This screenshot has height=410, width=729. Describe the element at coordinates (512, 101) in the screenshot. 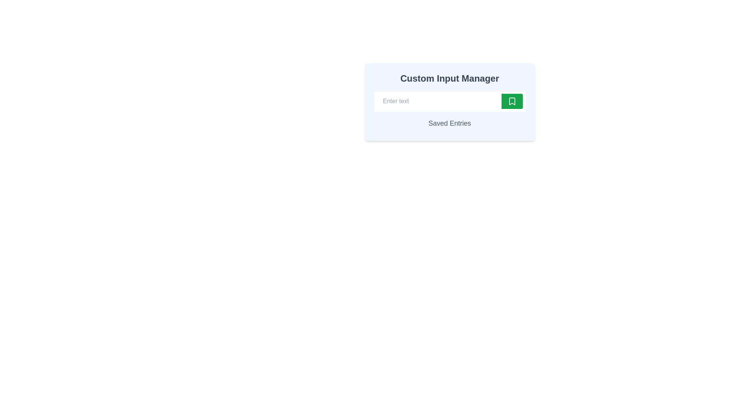

I see `the bookmark-shaped icon within the green rectangular button located to the right of the 'Enter text' input field in the 'Custom Input Manager' panel` at that location.